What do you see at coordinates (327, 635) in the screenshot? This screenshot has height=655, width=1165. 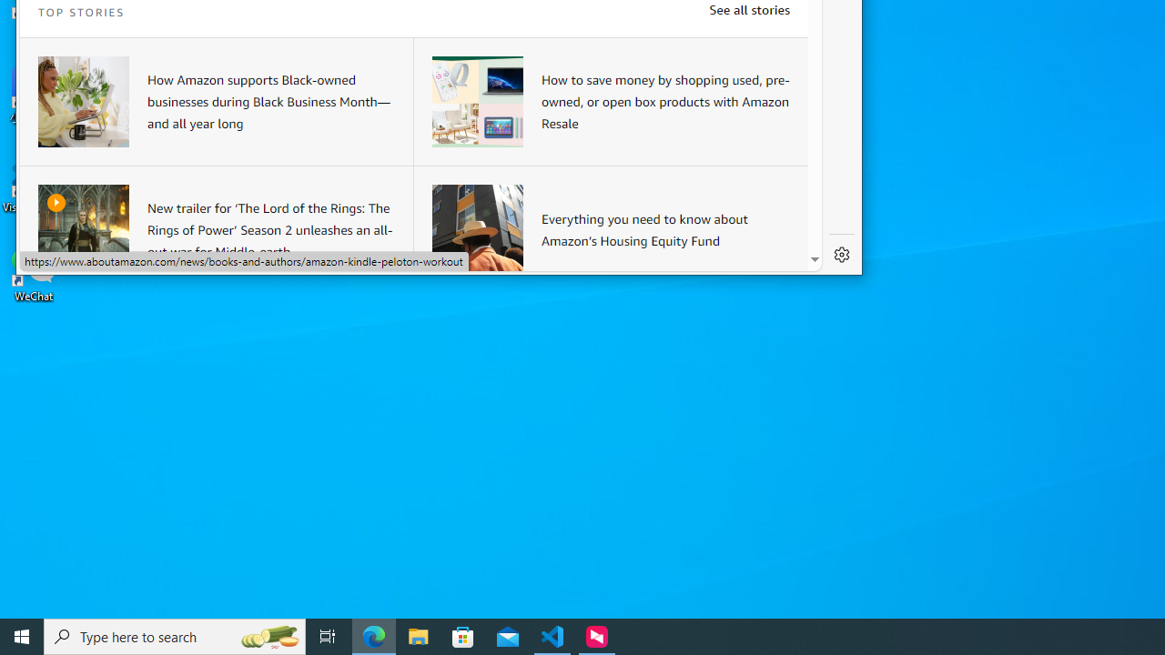 I see `'Task View'` at bounding box center [327, 635].